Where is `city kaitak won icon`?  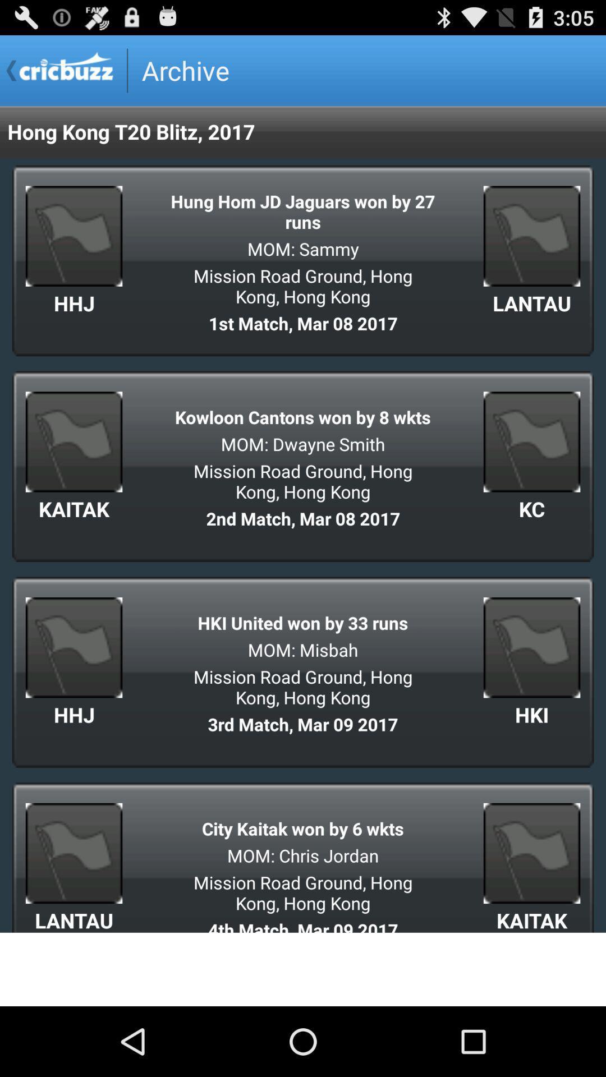 city kaitak won icon is located at coordinates (303, 829).